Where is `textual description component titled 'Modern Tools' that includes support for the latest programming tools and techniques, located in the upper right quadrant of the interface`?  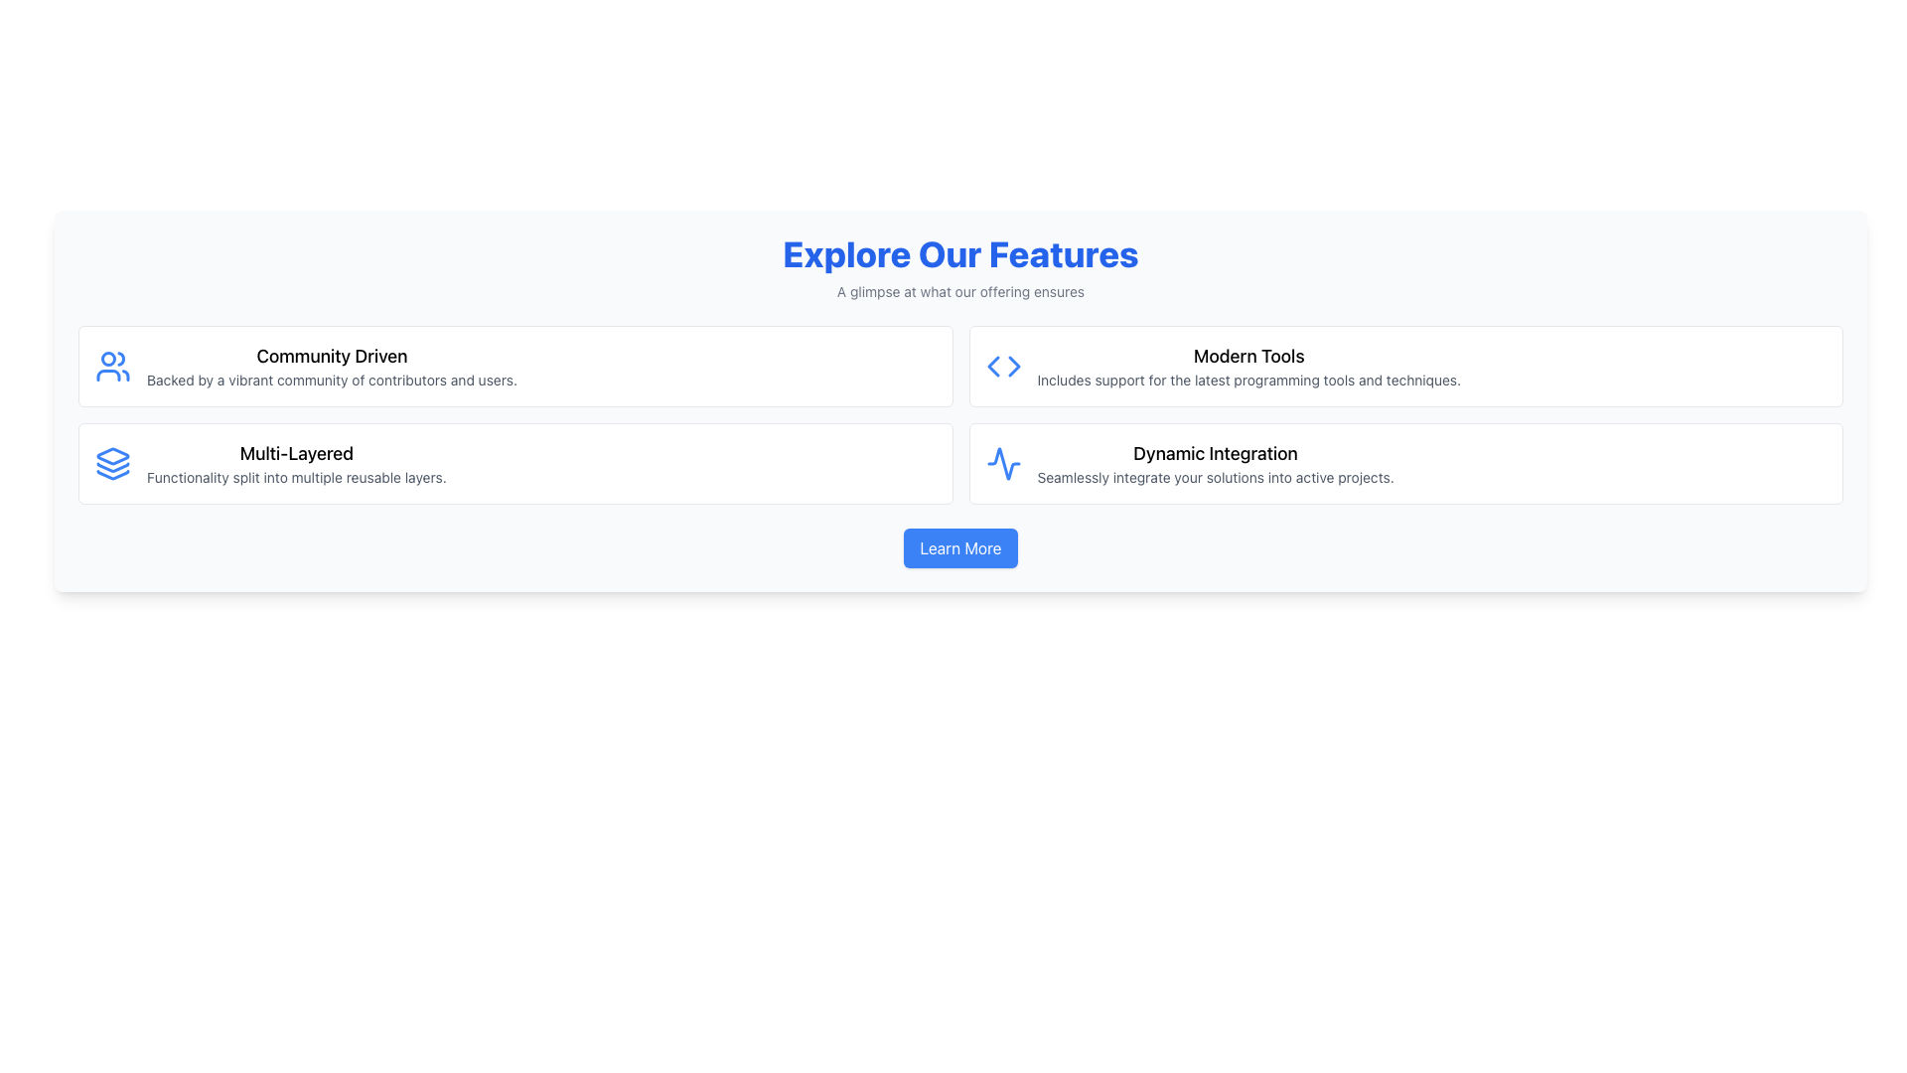
textual description component titled 'Modern Tools' that includes support for the latest programming tools and techniques, located in the upper right quadrant of the interface is located at coordinates (1247, 367).